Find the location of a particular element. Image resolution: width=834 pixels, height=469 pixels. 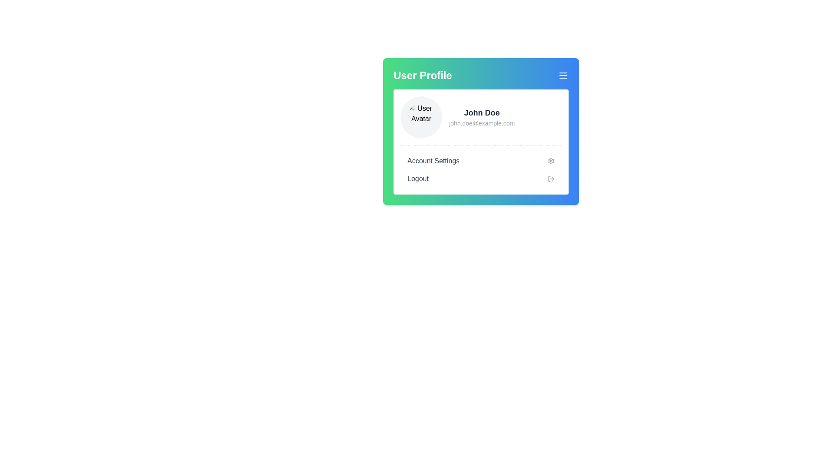

the horizontal dotted gray Divider Line that separates the 'Account Settings' and 'Logout' options in the dropdown menu is located at coordinates (480, 170).